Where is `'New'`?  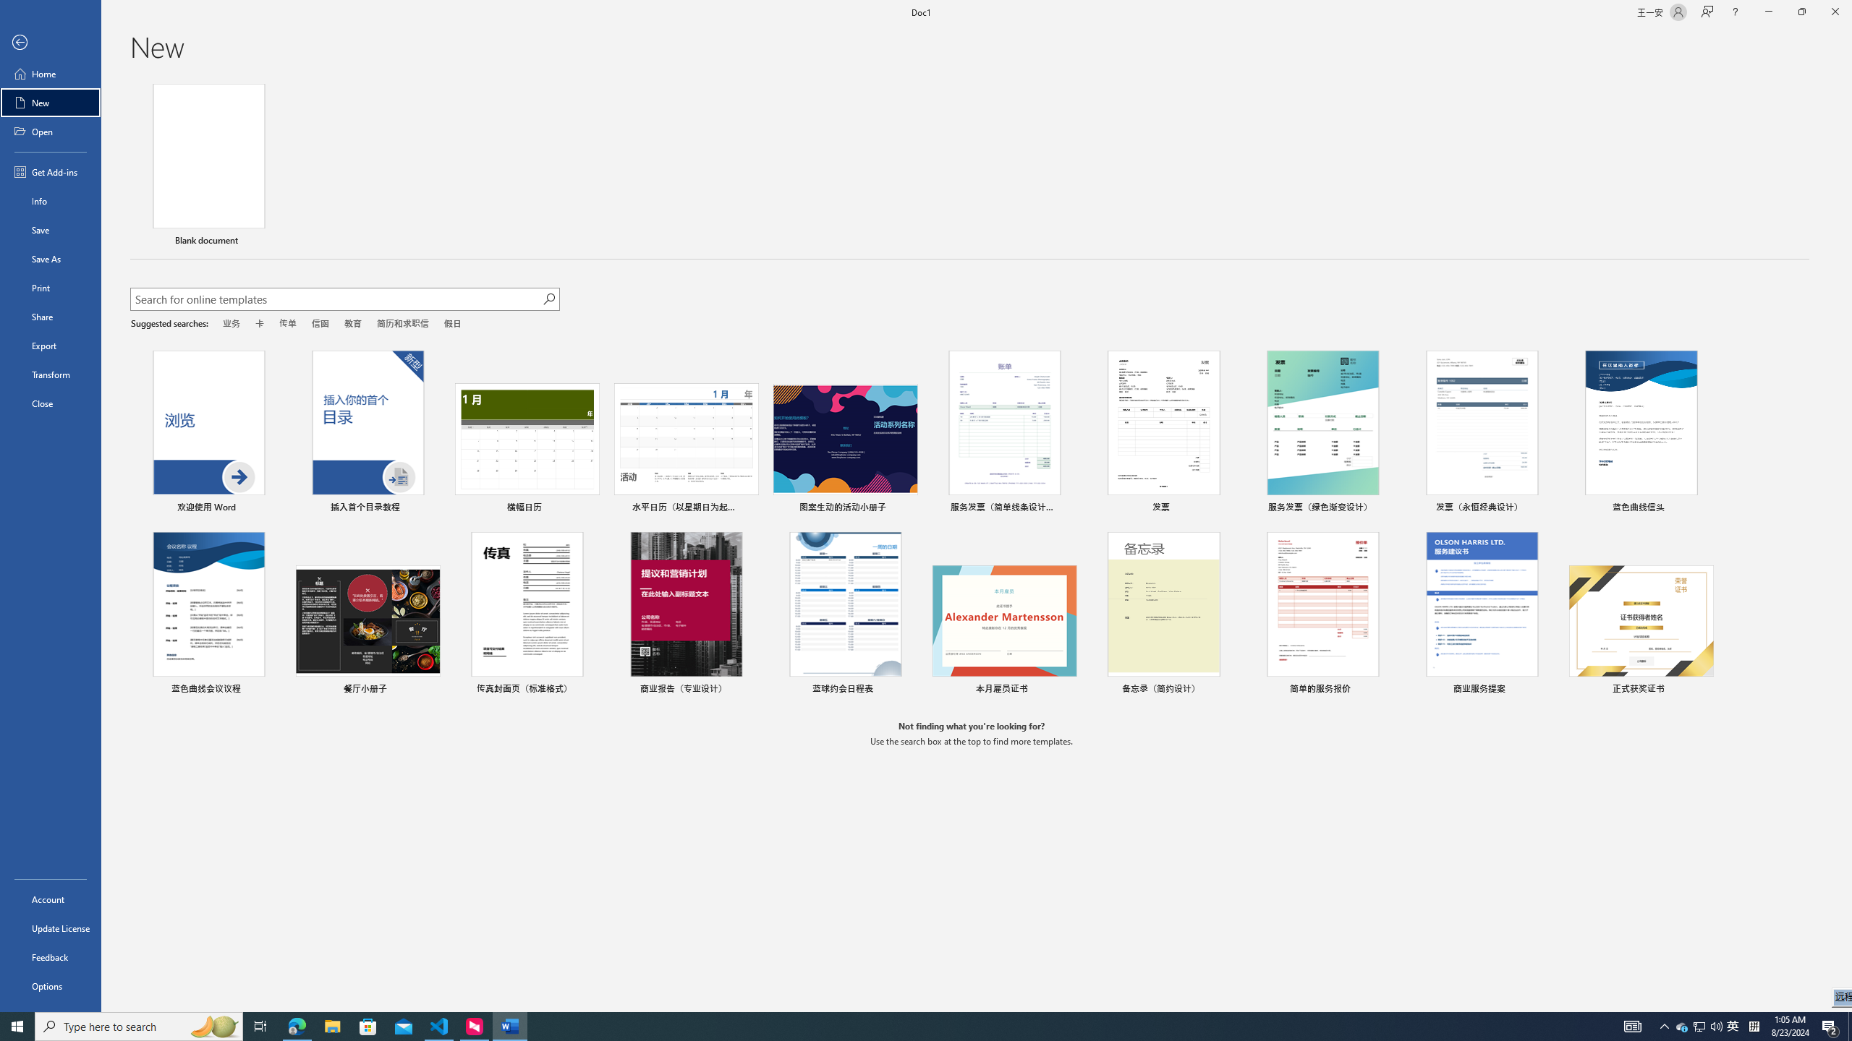
'New' is located at coordinates (50, 102).